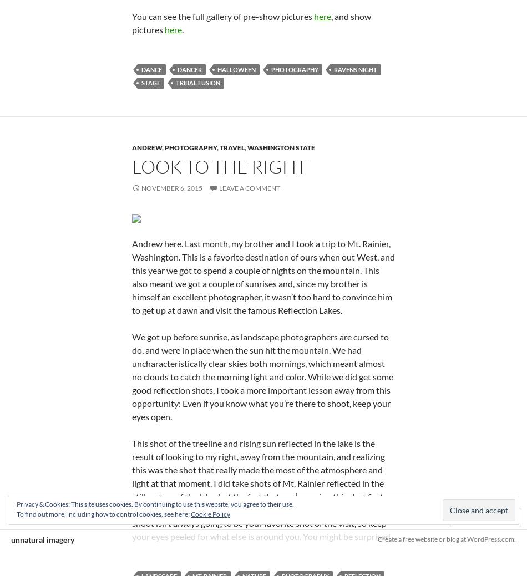  I want to click on 'dance', so click(151, 69).